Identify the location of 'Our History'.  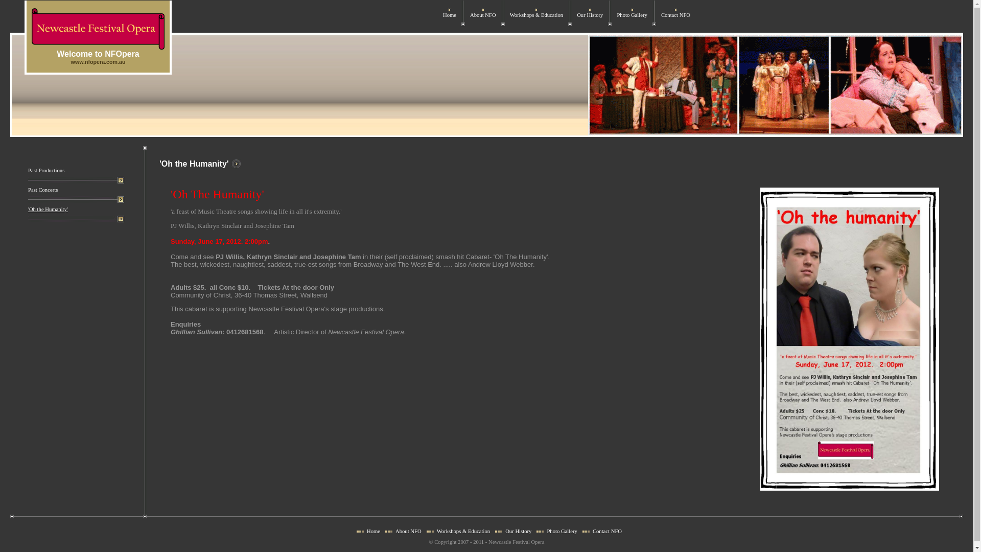
(518, 531).